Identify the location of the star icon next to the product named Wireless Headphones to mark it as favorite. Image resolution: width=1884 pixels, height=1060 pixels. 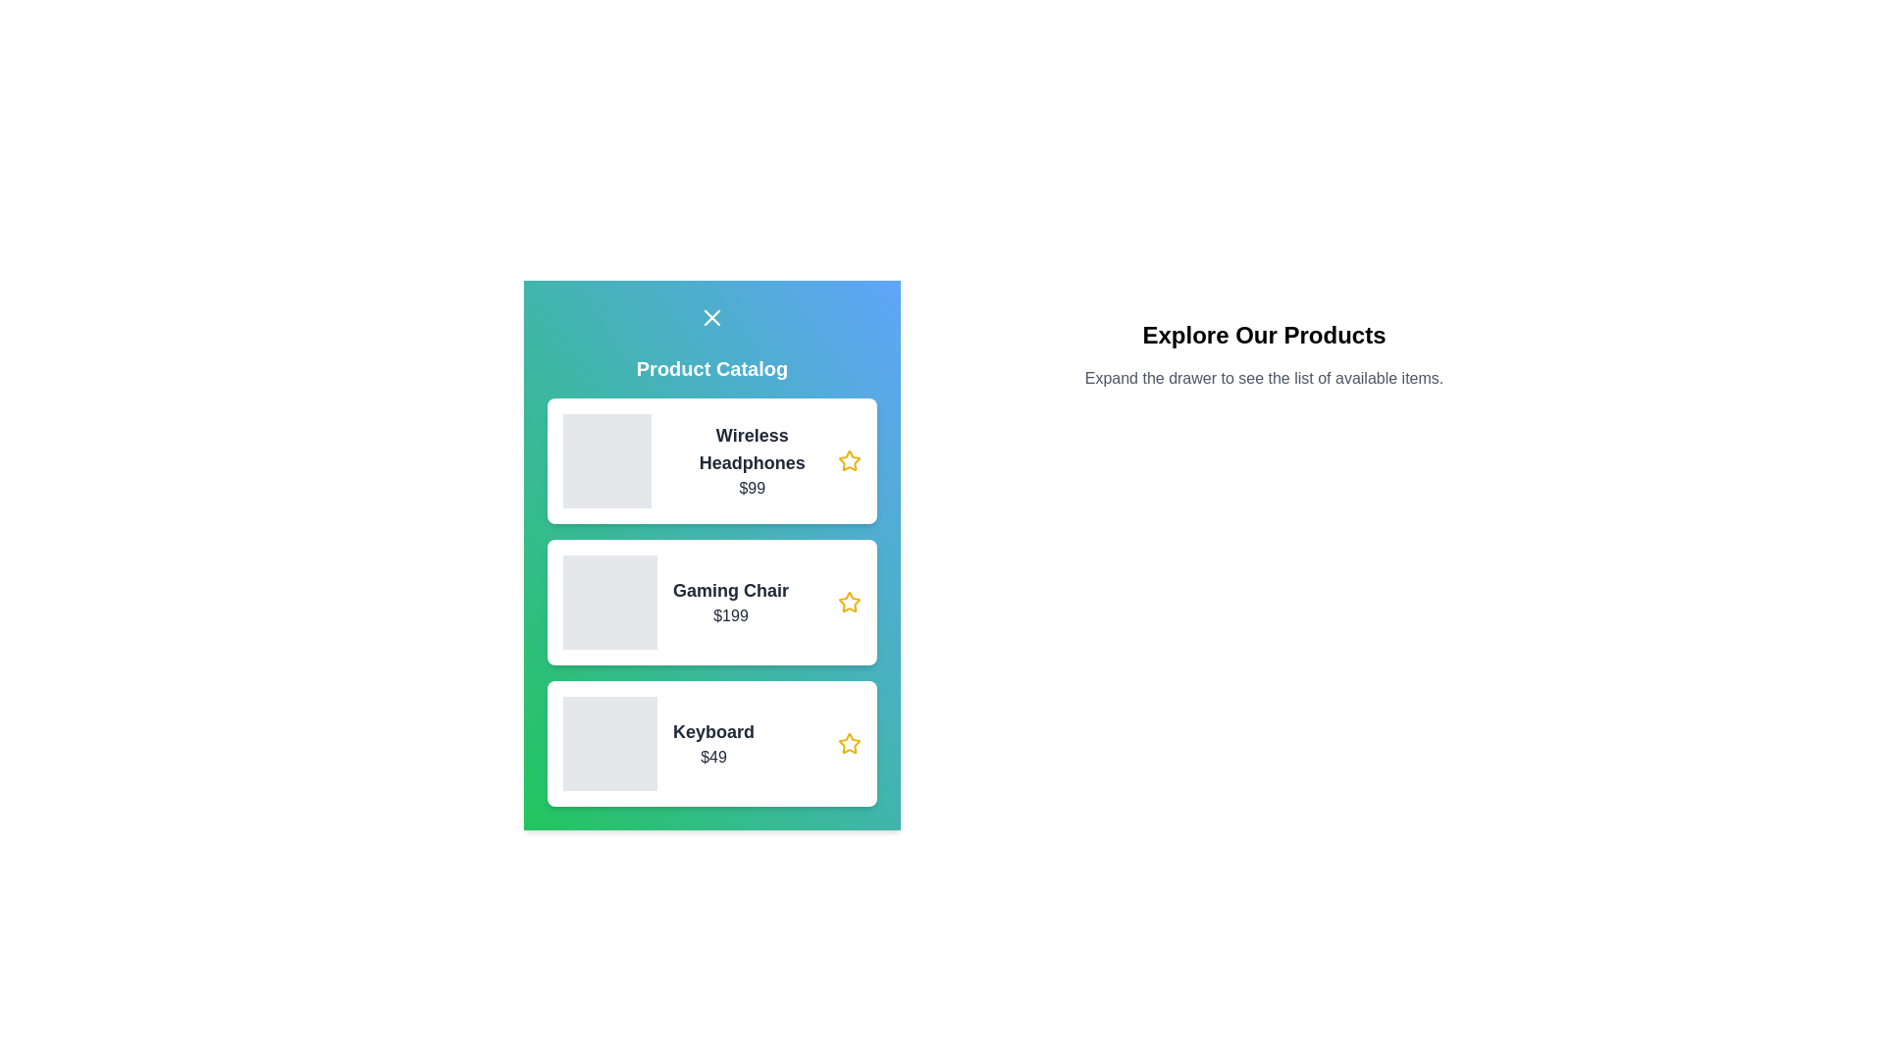
(849, 461).